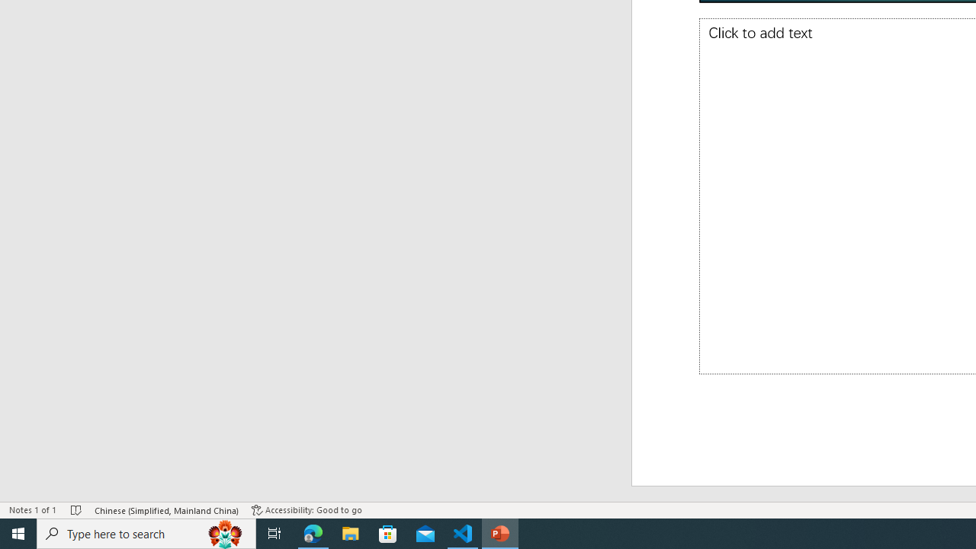 The width and height of the screenshot is (976, 549). What do you see at coordinates (75, 510) in the screenshot?
I see `'Spell Check No Errors'` at bounding box center [75, 510].